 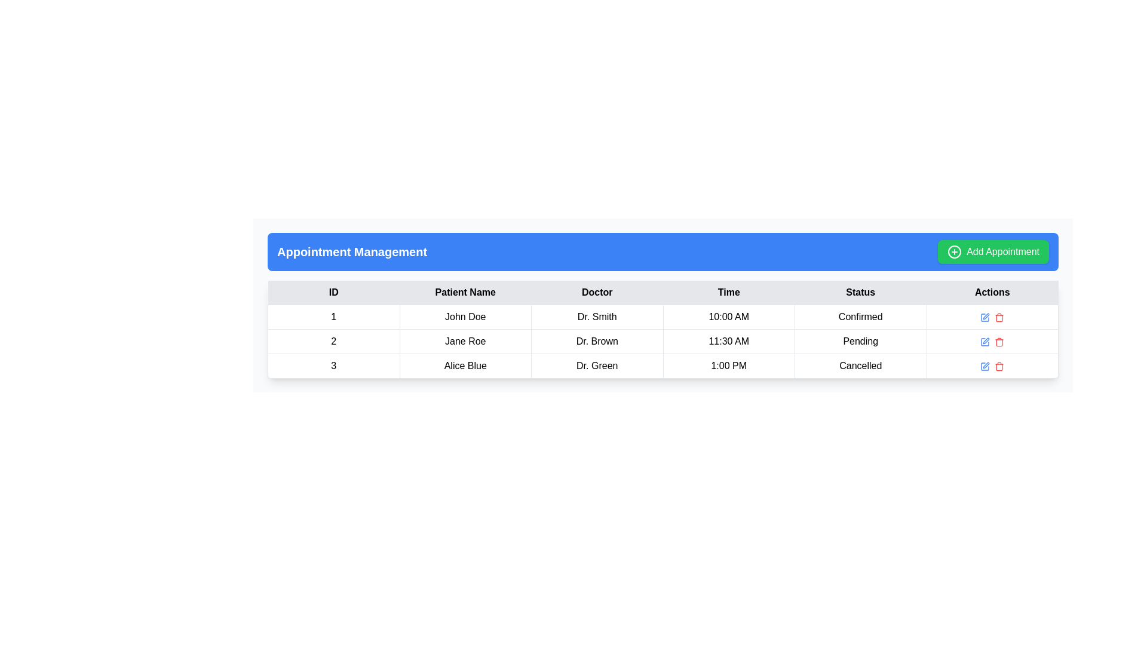 What do you see at coordinates (992, 365) in the screenshot?
I see `the Control group containing interactive buttons for 'Alice Blue', which includes a blue pencil icon for editing and a red trash icon for deletion` at bounding box center [992, 365].